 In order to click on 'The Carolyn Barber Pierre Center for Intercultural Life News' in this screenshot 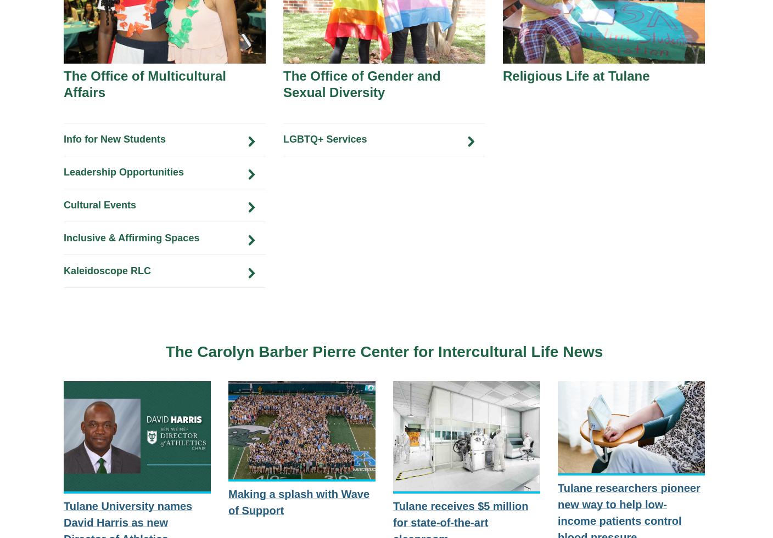, I will do `click(384, 351)`.